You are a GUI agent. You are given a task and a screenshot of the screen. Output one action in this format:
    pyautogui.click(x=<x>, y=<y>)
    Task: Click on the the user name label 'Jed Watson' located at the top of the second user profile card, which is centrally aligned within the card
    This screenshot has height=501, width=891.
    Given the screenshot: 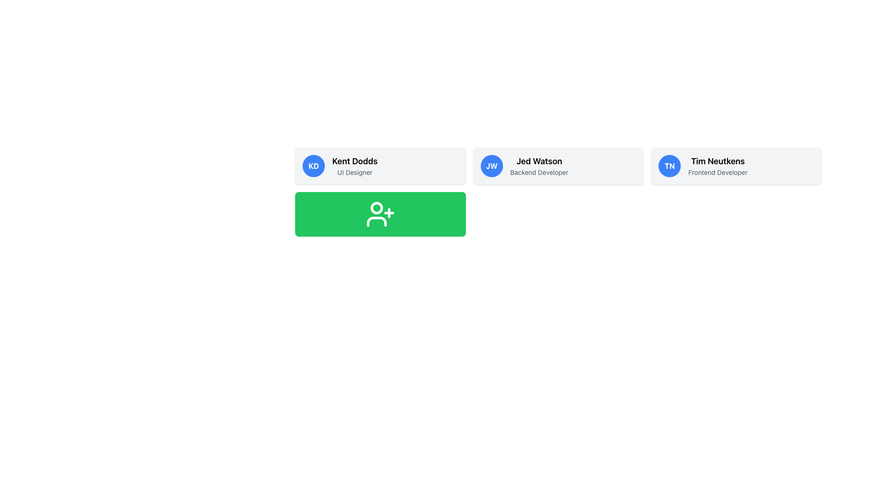 What is the action you would take?
    pyautogui.click(x=539, y=161)
    